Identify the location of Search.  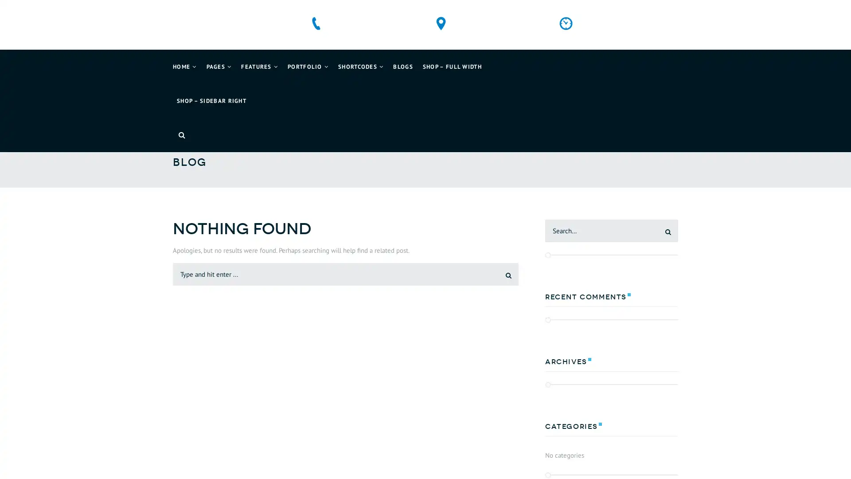
(661, 230).